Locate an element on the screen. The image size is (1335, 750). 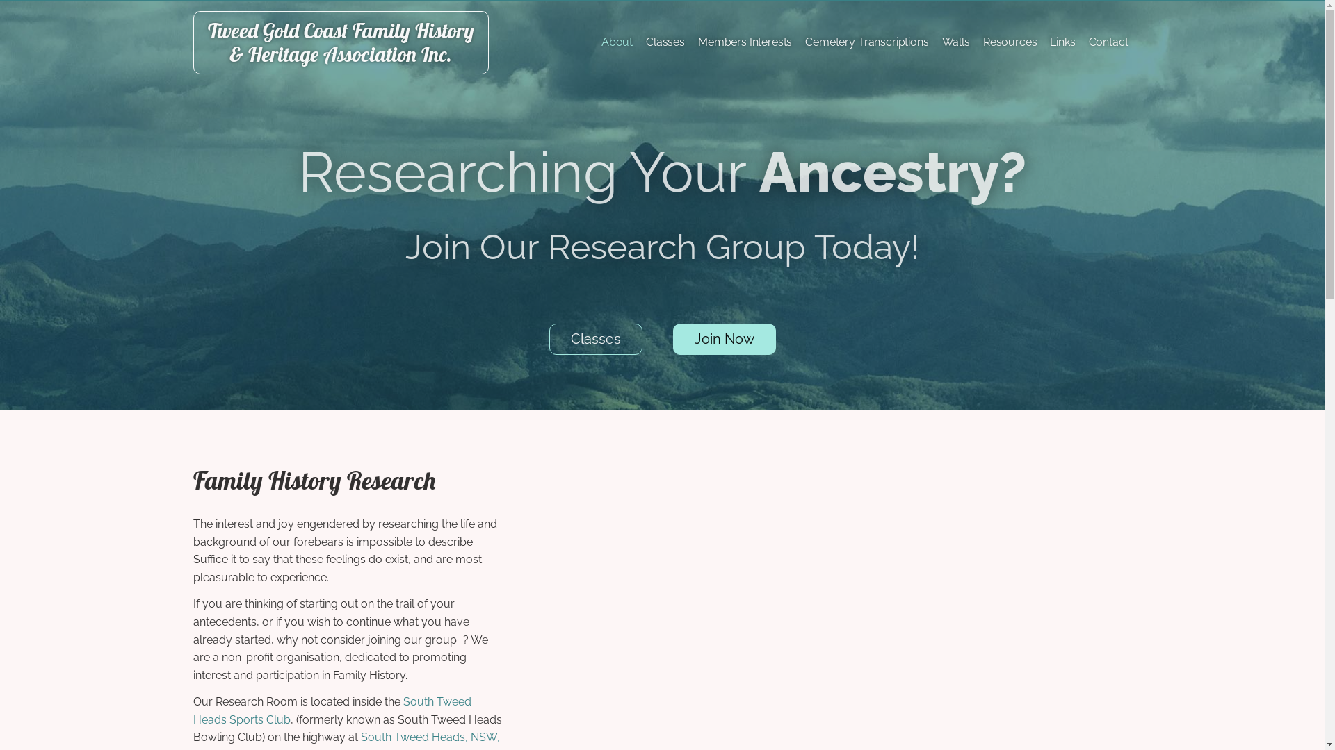
'About' is located at coordinates (616, 42).